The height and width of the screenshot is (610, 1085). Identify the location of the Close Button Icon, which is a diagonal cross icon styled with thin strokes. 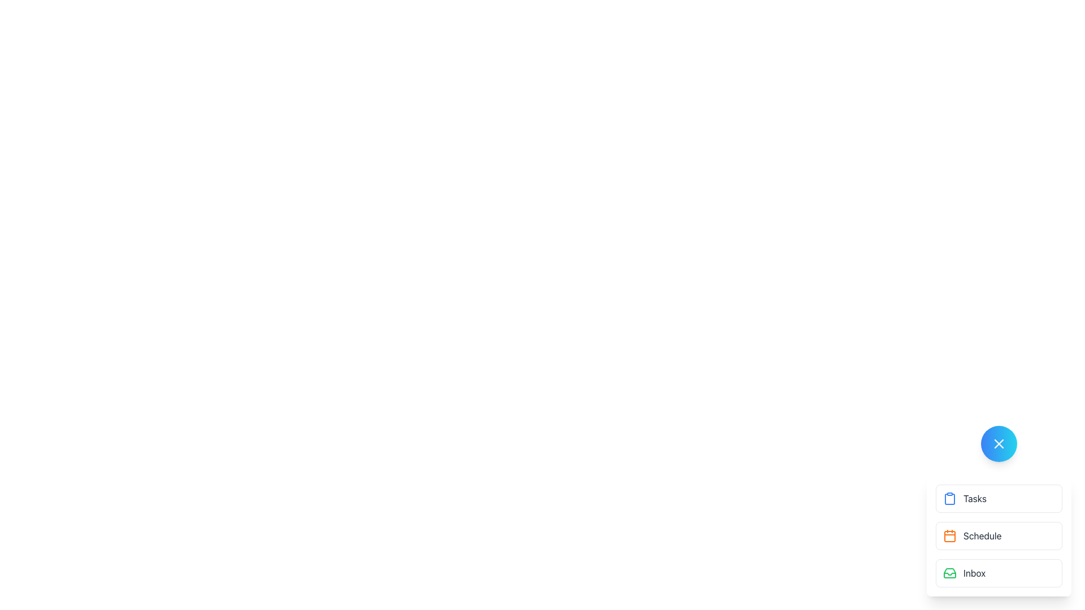
(999, 443).